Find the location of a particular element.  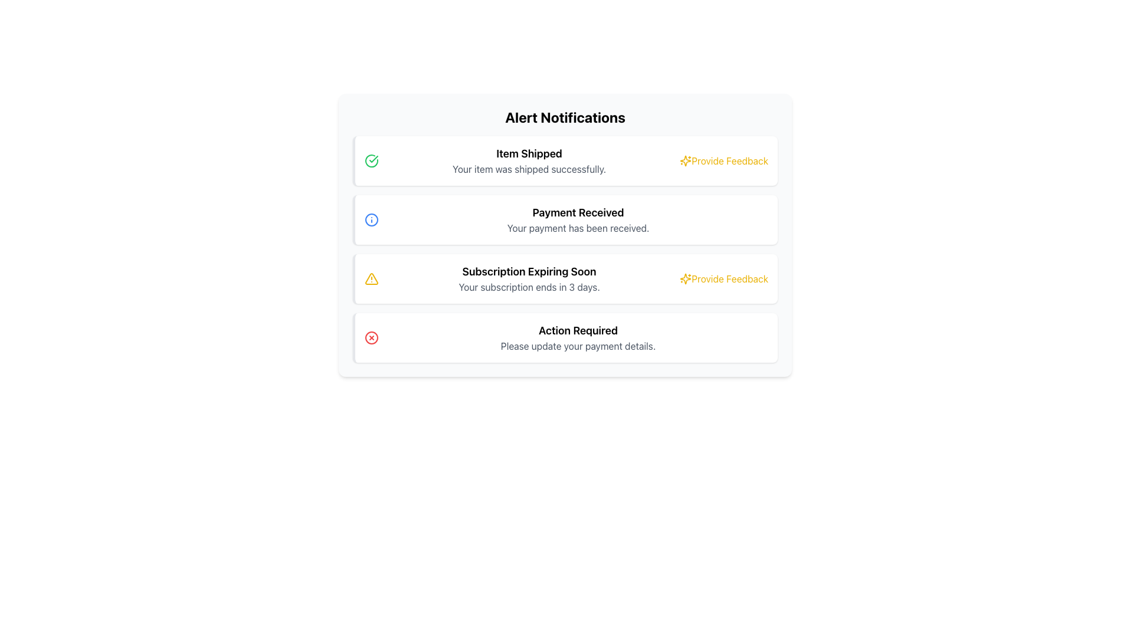

the circular information icon with a blue outline, located in the 'Payment Received' card in the 'Alert Notifications' list is located at coordinates (371, 220).